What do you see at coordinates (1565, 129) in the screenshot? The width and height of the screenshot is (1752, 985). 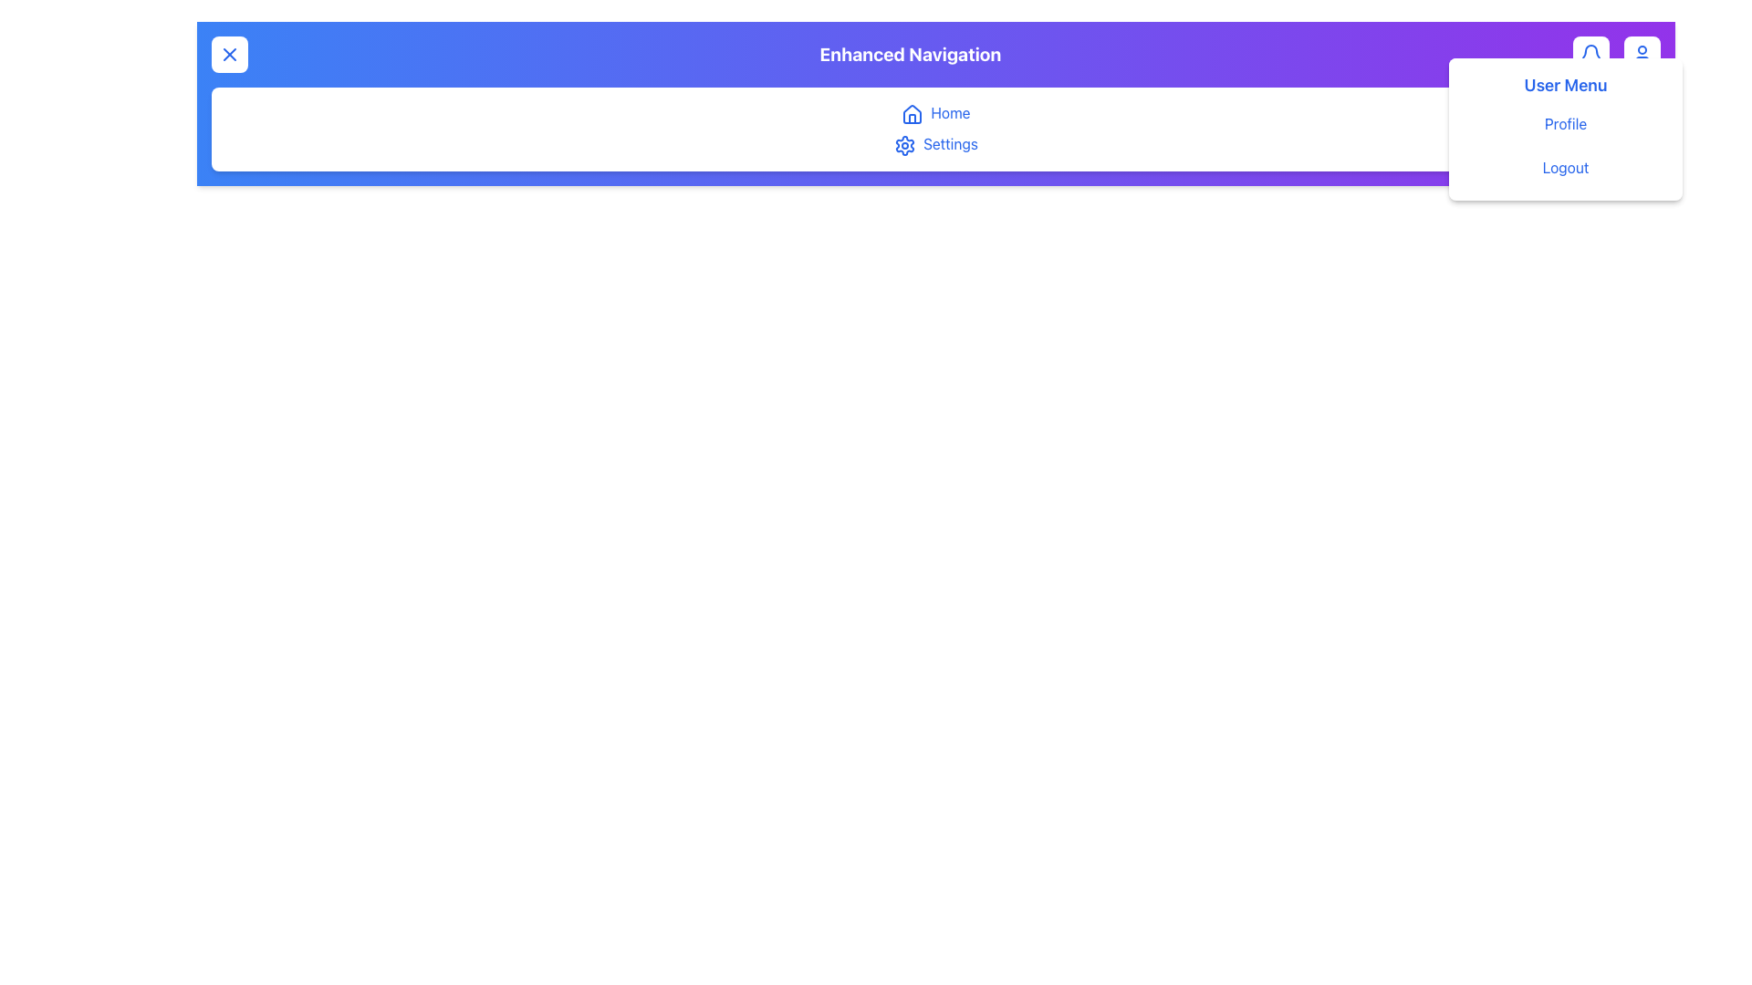 I see `the 'Profile' option in the dropdown menu labeled 'User Menu', which appears in the top-right corner of the page below the user profile icon` at bounding box center [1565, 129].